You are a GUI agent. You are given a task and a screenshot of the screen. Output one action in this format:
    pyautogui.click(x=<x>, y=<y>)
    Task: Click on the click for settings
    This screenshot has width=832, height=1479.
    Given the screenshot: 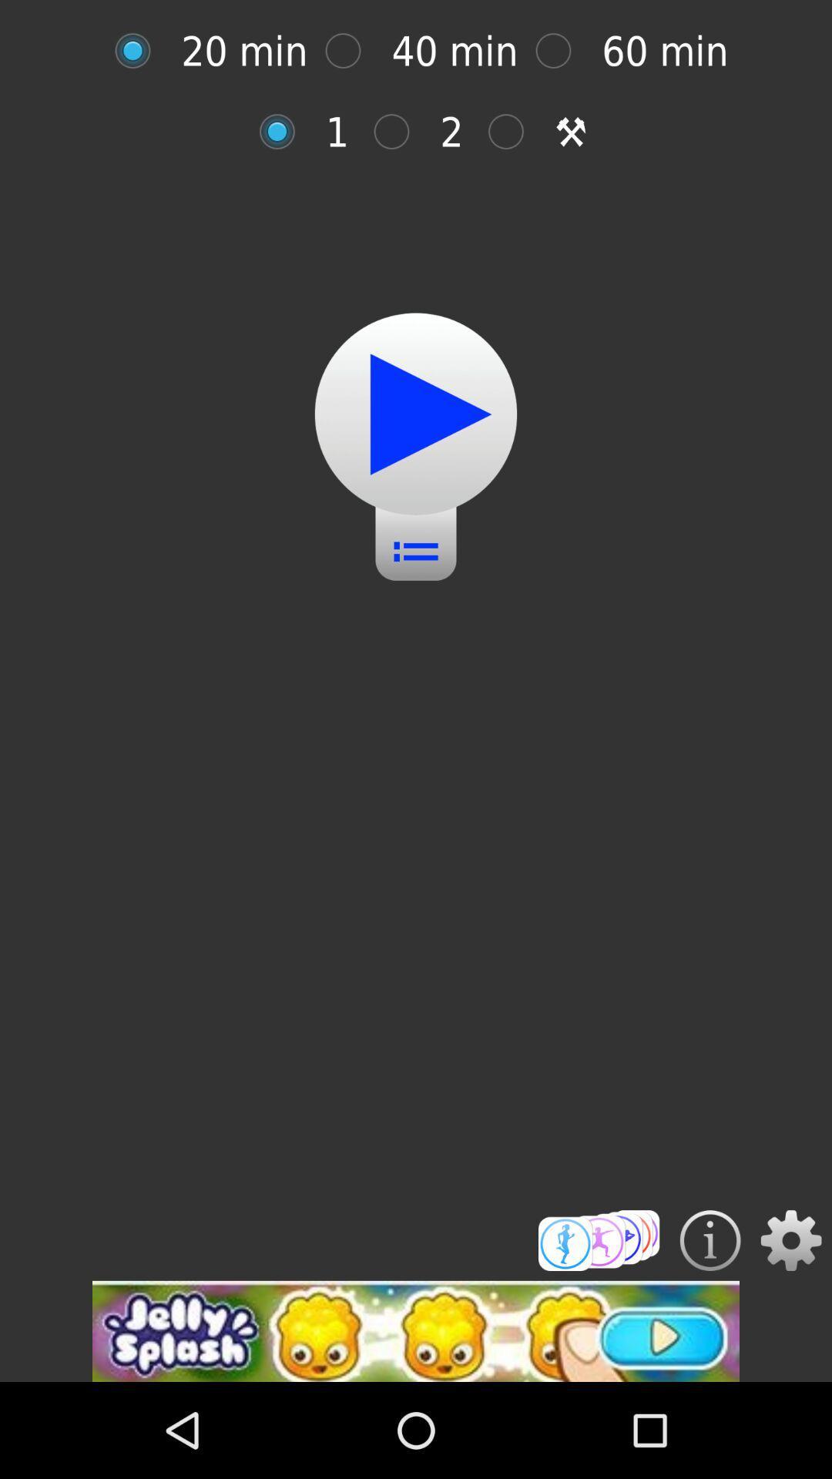 What is the action you would take?
    pyautogui.click(x=791, y=1240)
    